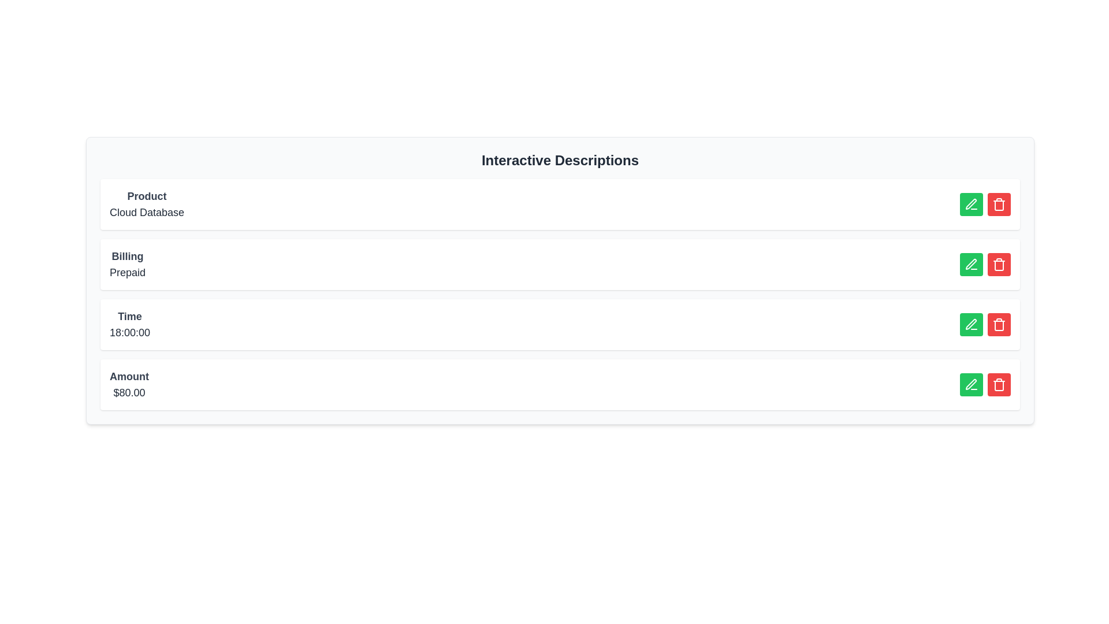 The image size is (1109, 624). I want to click on the trash can icon button located on the far right of the action section for the 'Amount' row in the table, so click(998, 385).